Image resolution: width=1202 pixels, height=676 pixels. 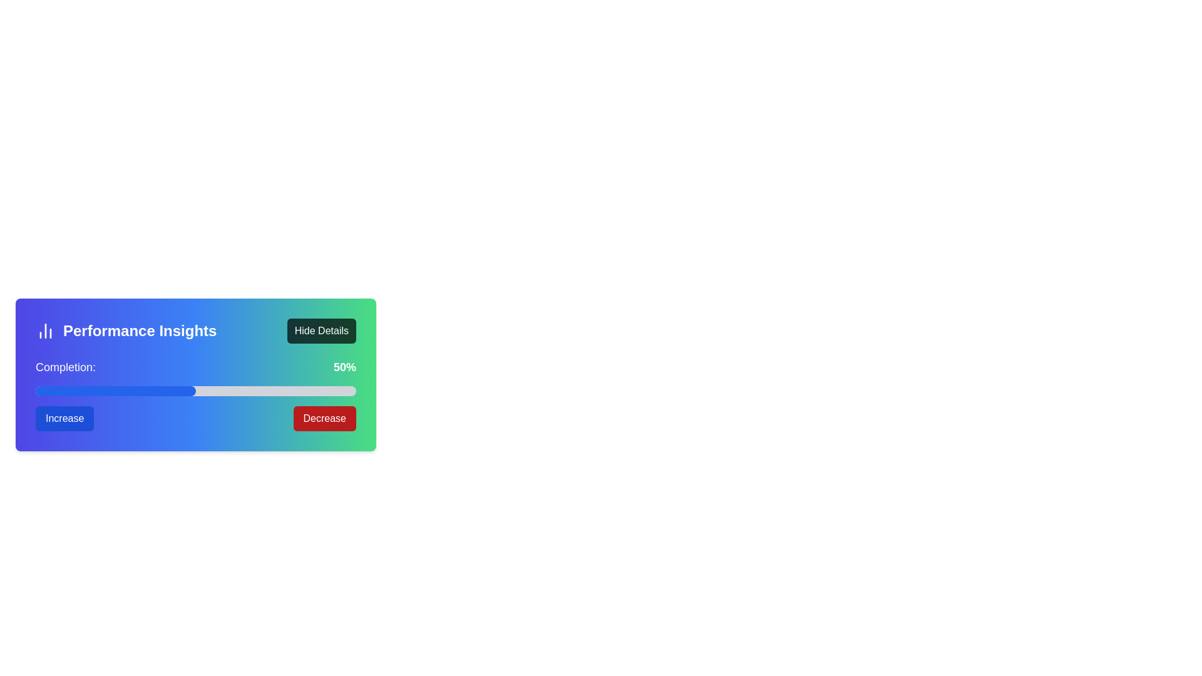 I want to click on the progress bar with a gray background and blue foreground, located beneath the text 'Completion: 50%', so click(x=195, y=390).